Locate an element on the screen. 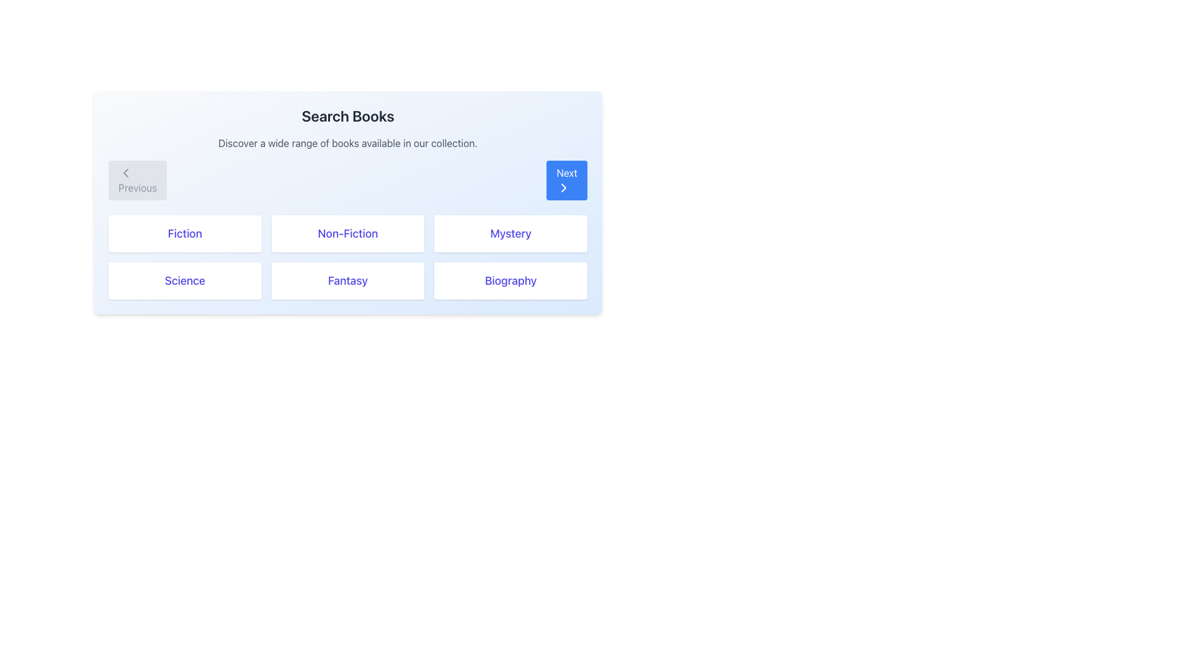 The height and width of the screenshot is (670, 1191). the 'Fiction' selectable category option is located at coordinates (184, 234).